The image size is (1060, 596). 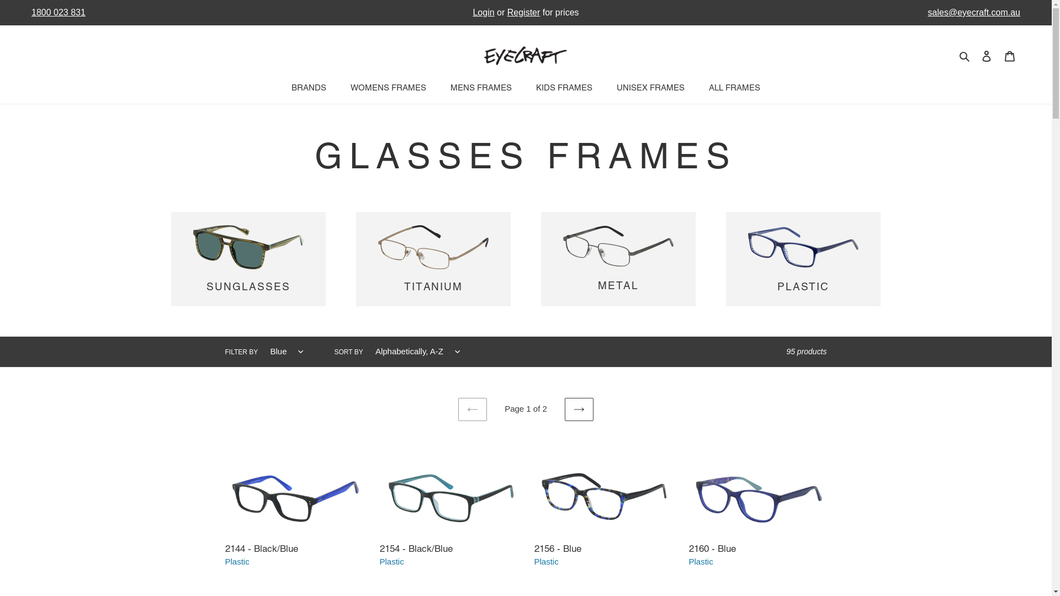 What do you see at coordinates (617, 259) in the screenshot?
I see `'METAL'` at bounding box center [617, 259].